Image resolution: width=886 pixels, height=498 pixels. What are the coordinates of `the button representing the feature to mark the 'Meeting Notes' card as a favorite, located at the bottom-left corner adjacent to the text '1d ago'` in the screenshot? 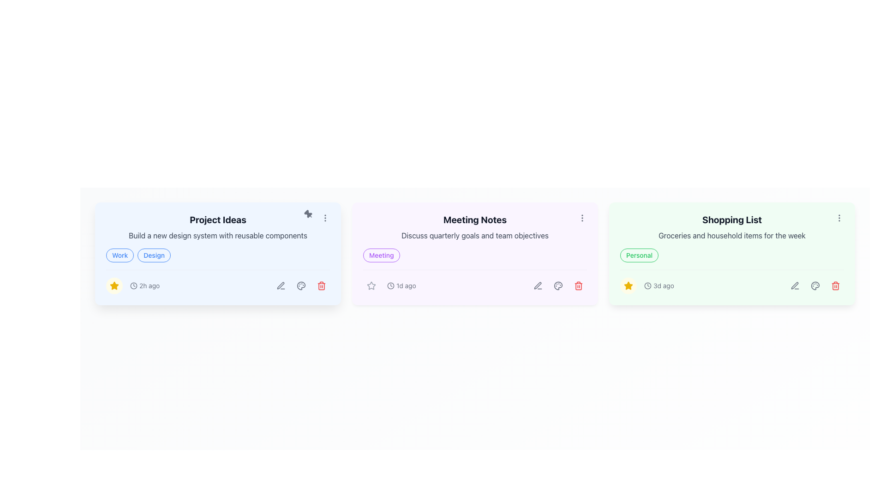 It's located at (371, 285).